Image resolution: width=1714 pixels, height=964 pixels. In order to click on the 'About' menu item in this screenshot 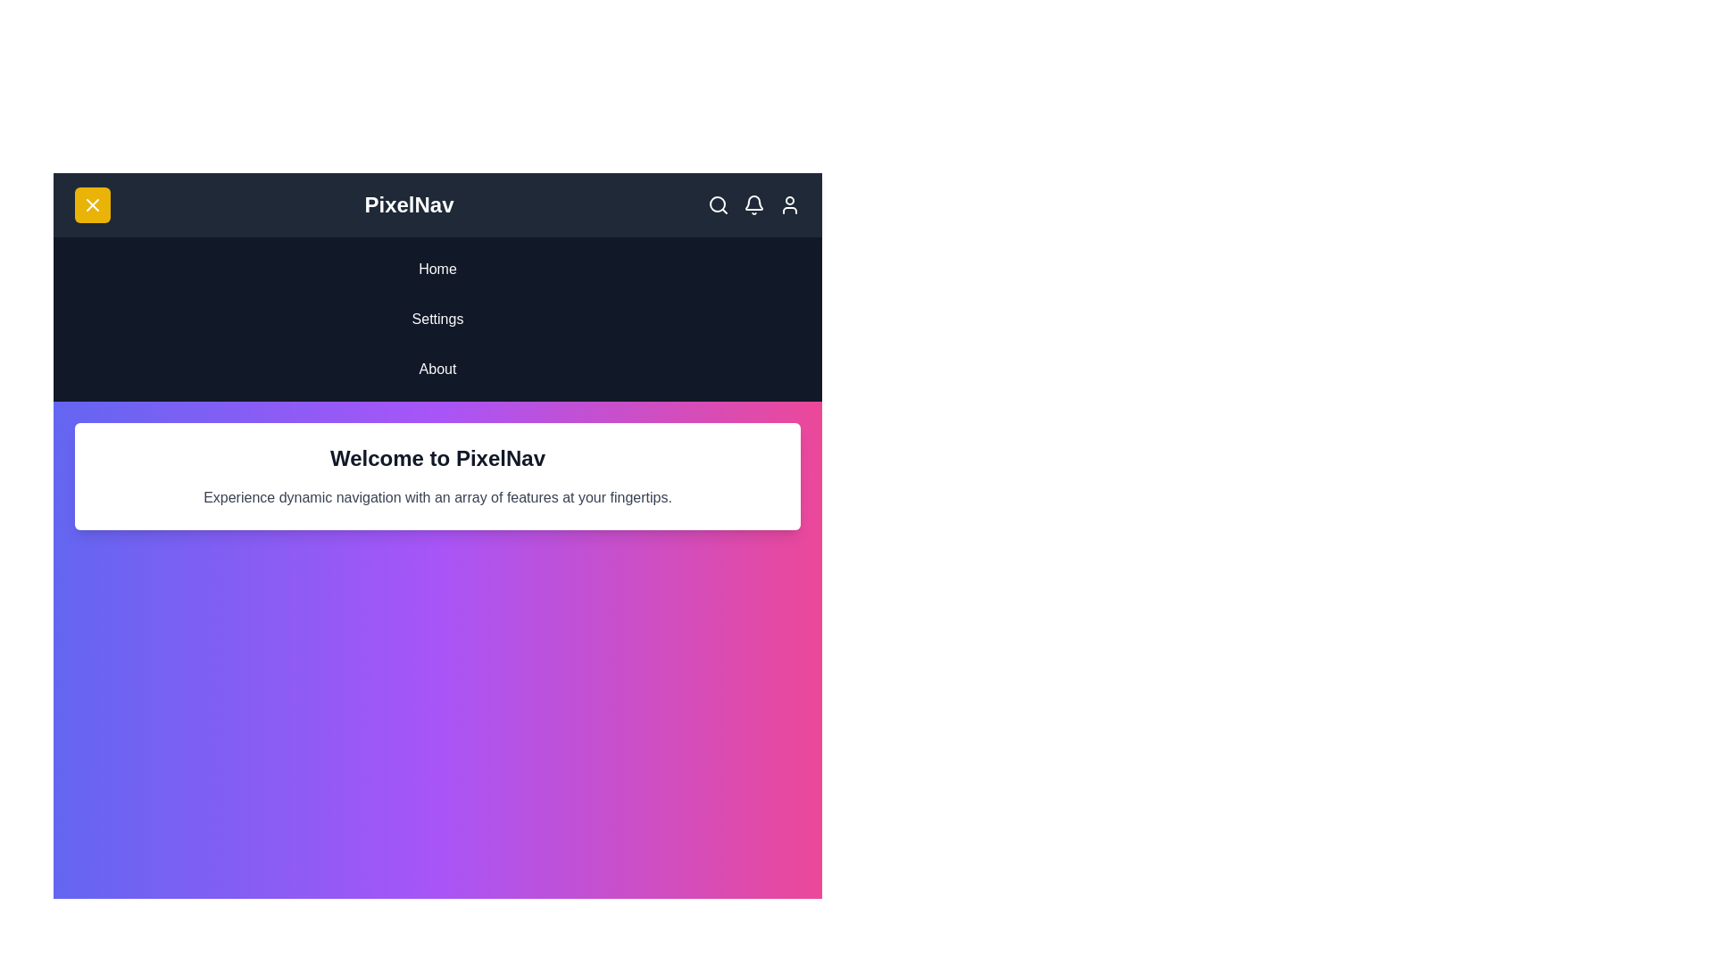, I will do `click(437, 368)`.